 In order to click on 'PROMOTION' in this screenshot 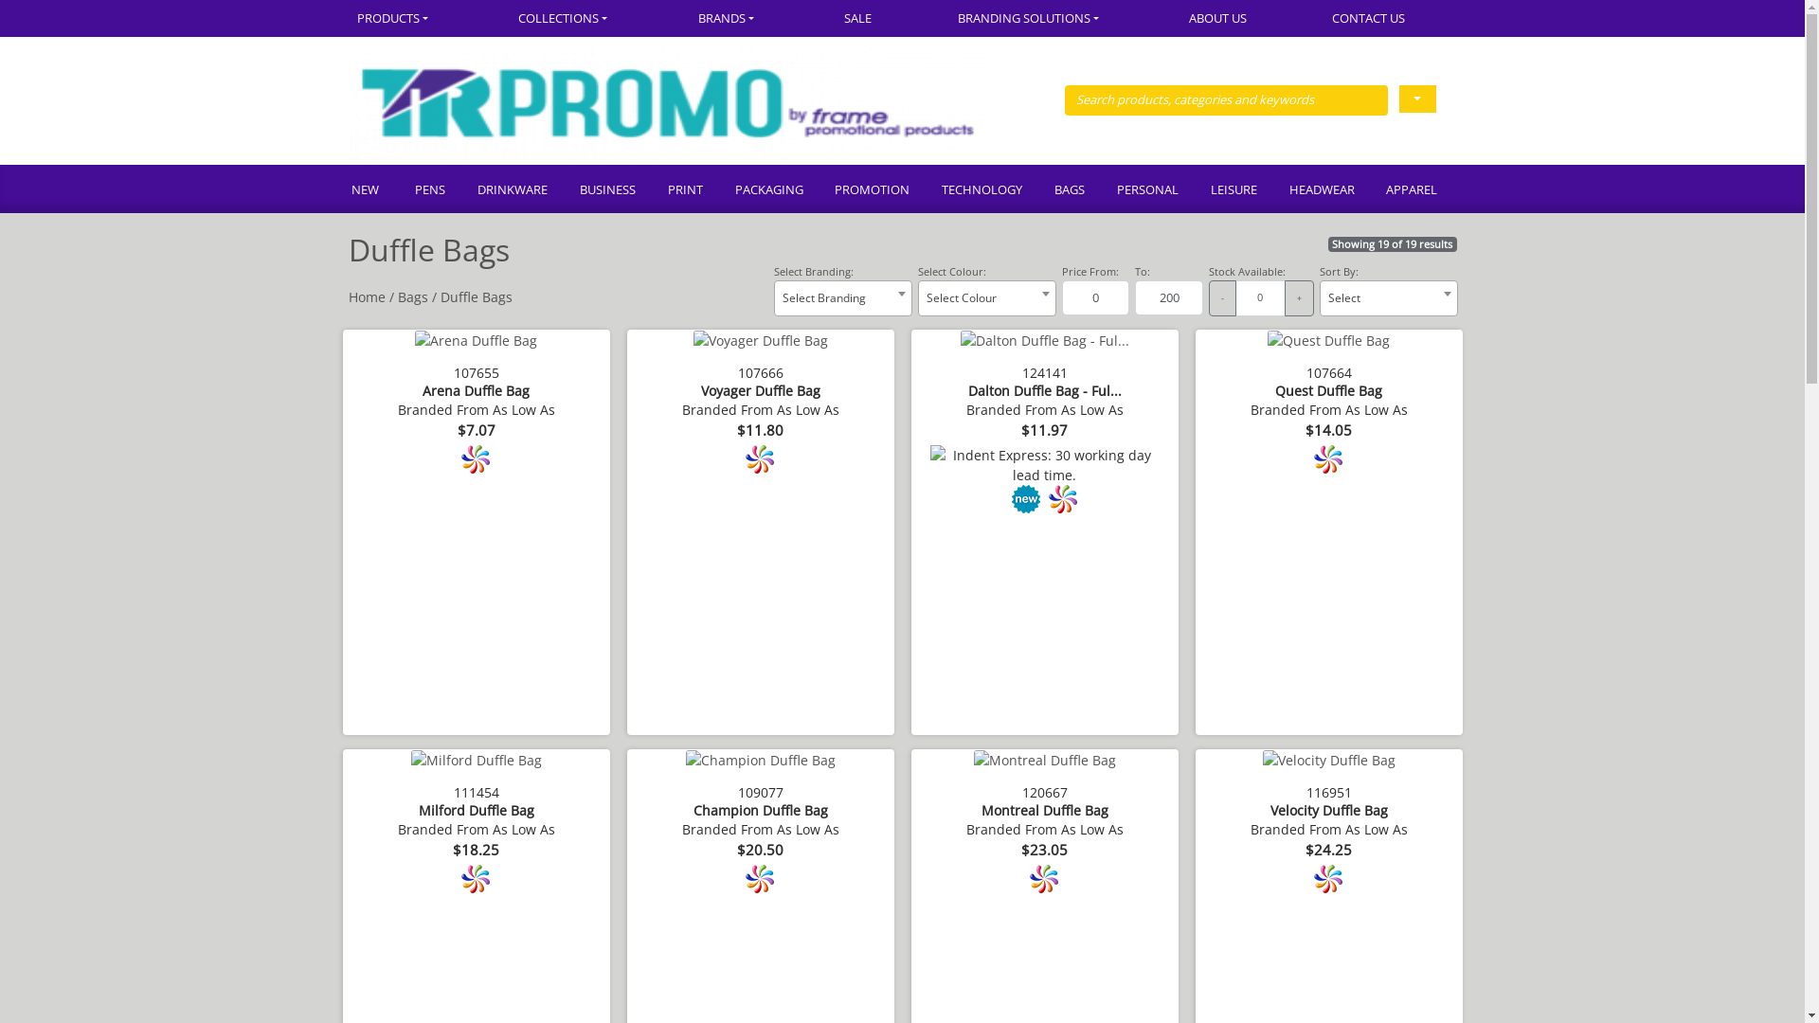, I will do `click(819, 190)`.